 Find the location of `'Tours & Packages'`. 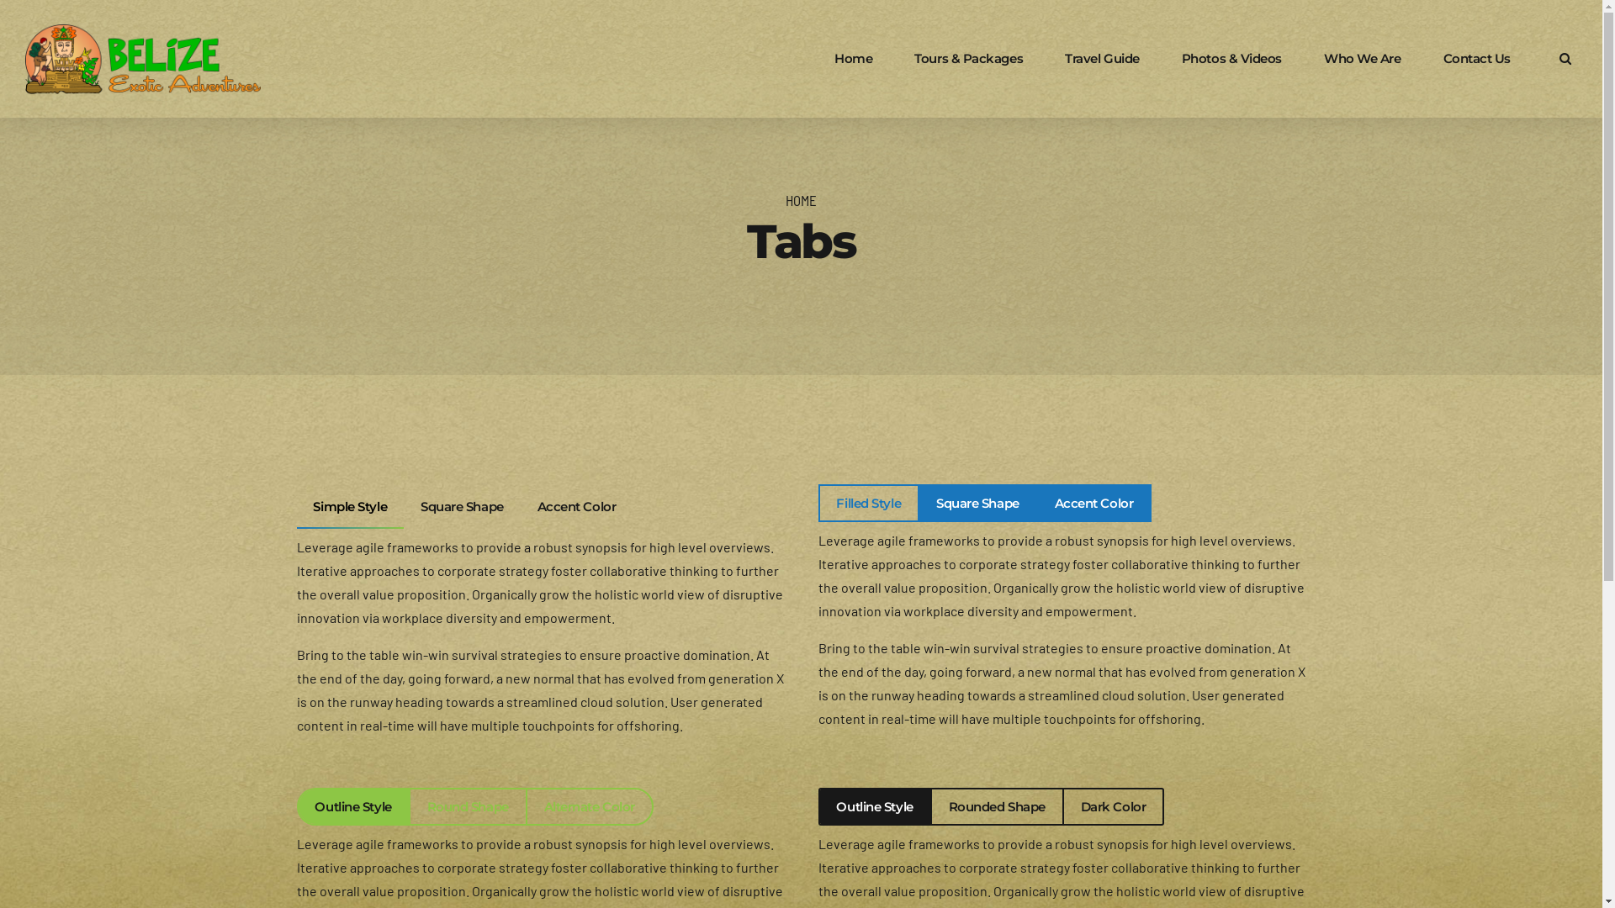

'Tours & Packages' is located at coordinates (968, 57).